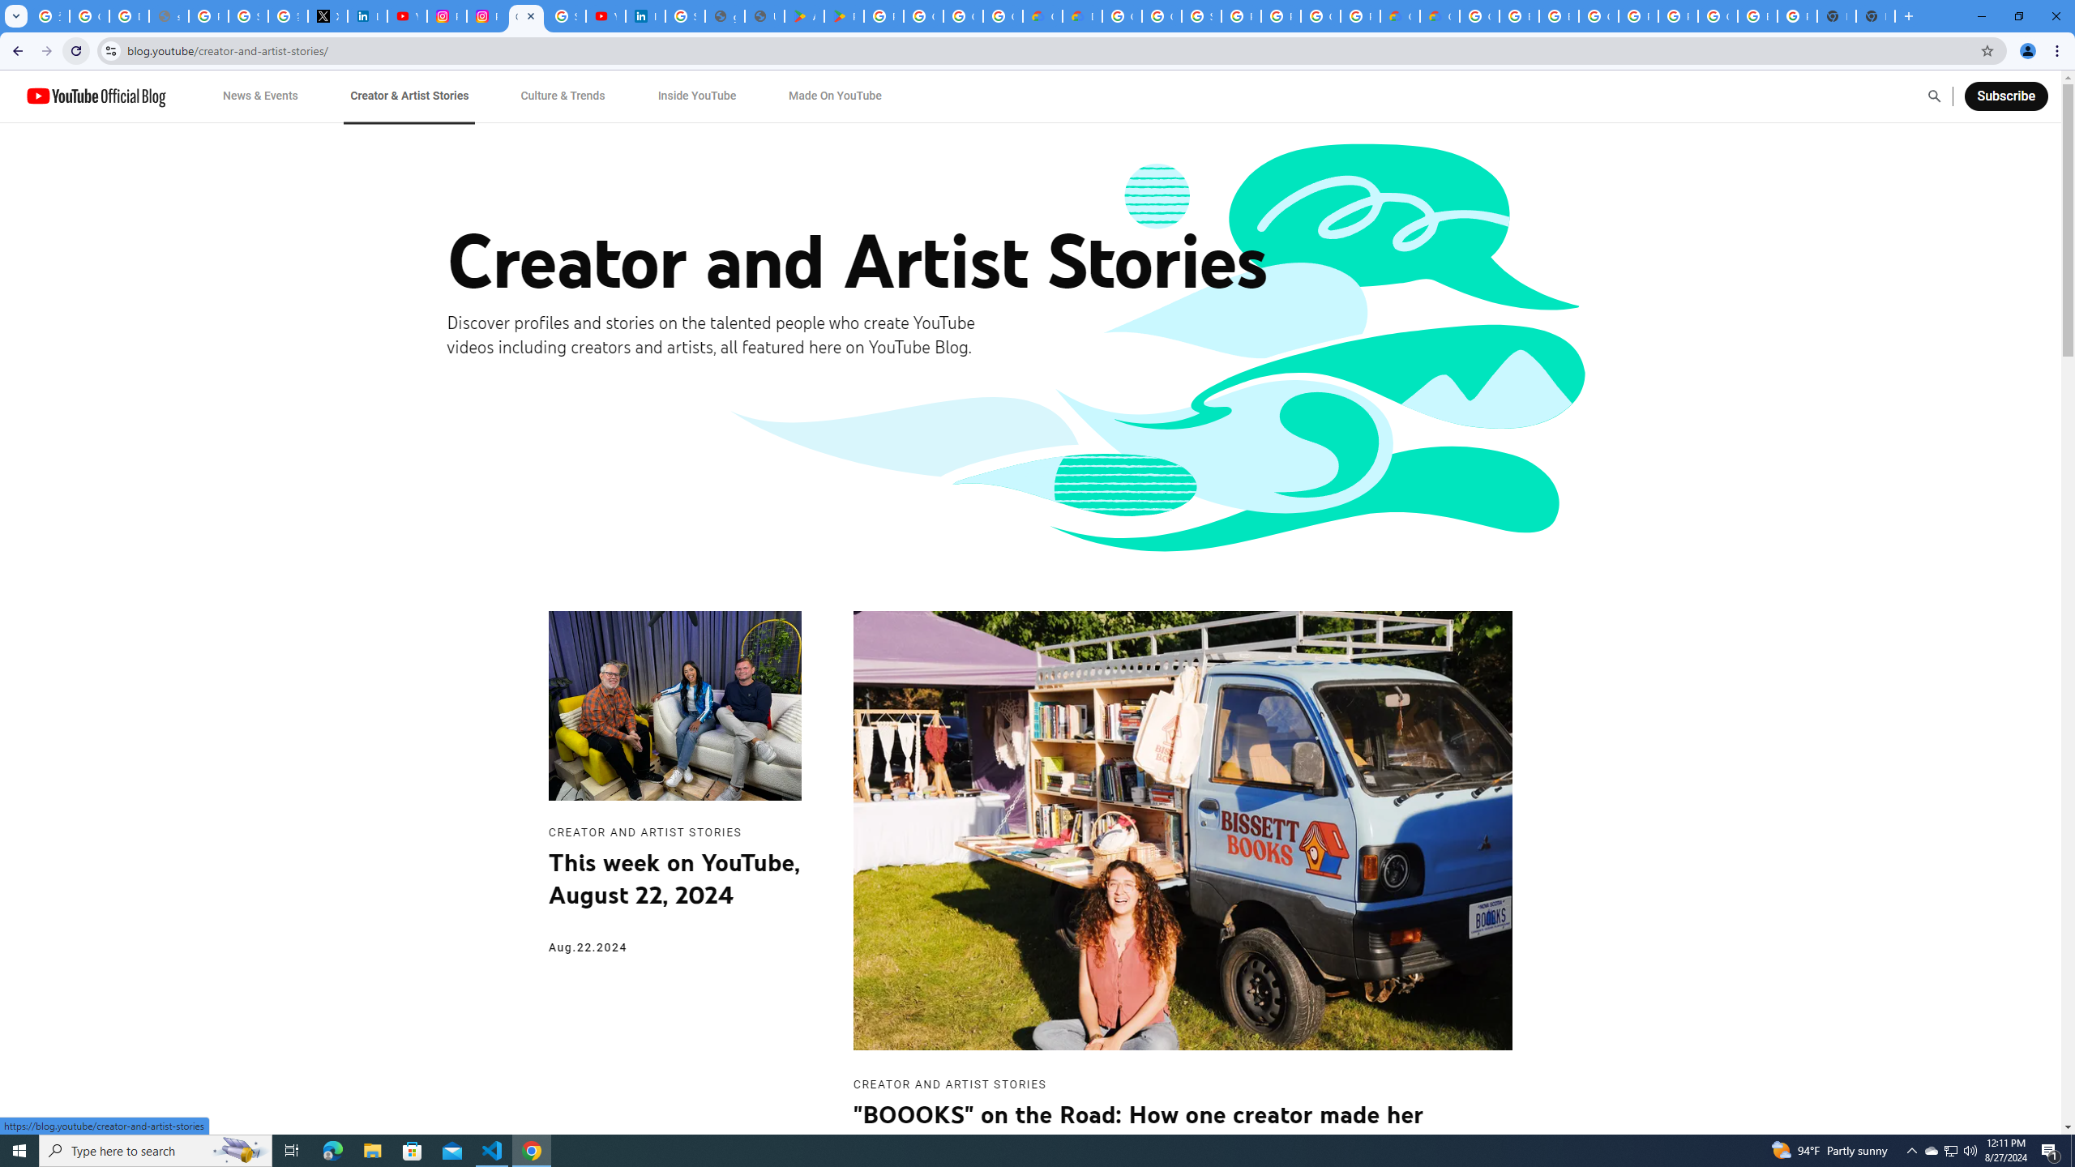 This screenshot has width=2075, height=1167. I want to click on 'Creator & Artist Stories', so click(409, 96).